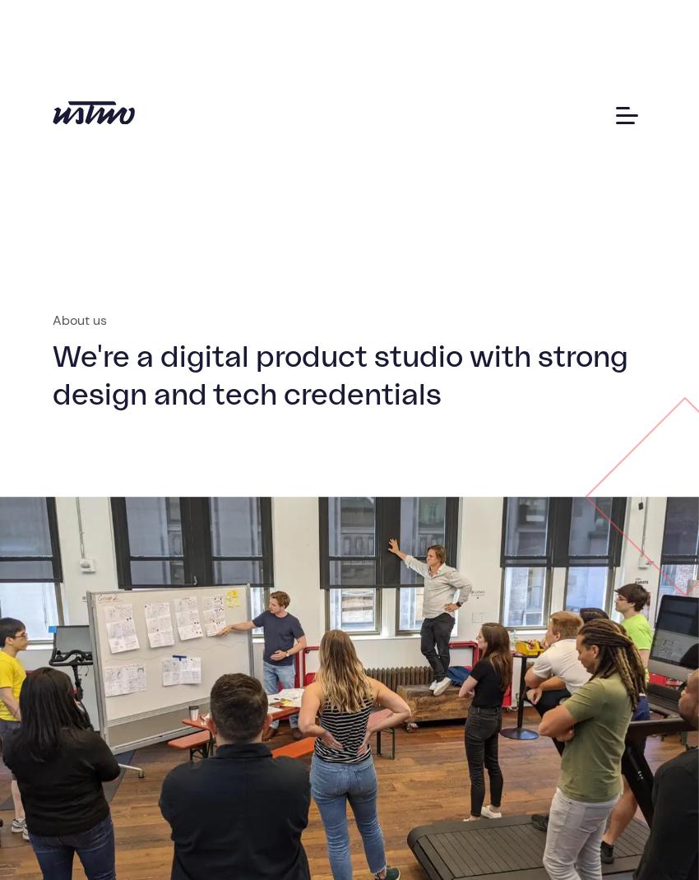 This screenshot has width=699, height=880. I want to click on 'About us', so click(77, 319).